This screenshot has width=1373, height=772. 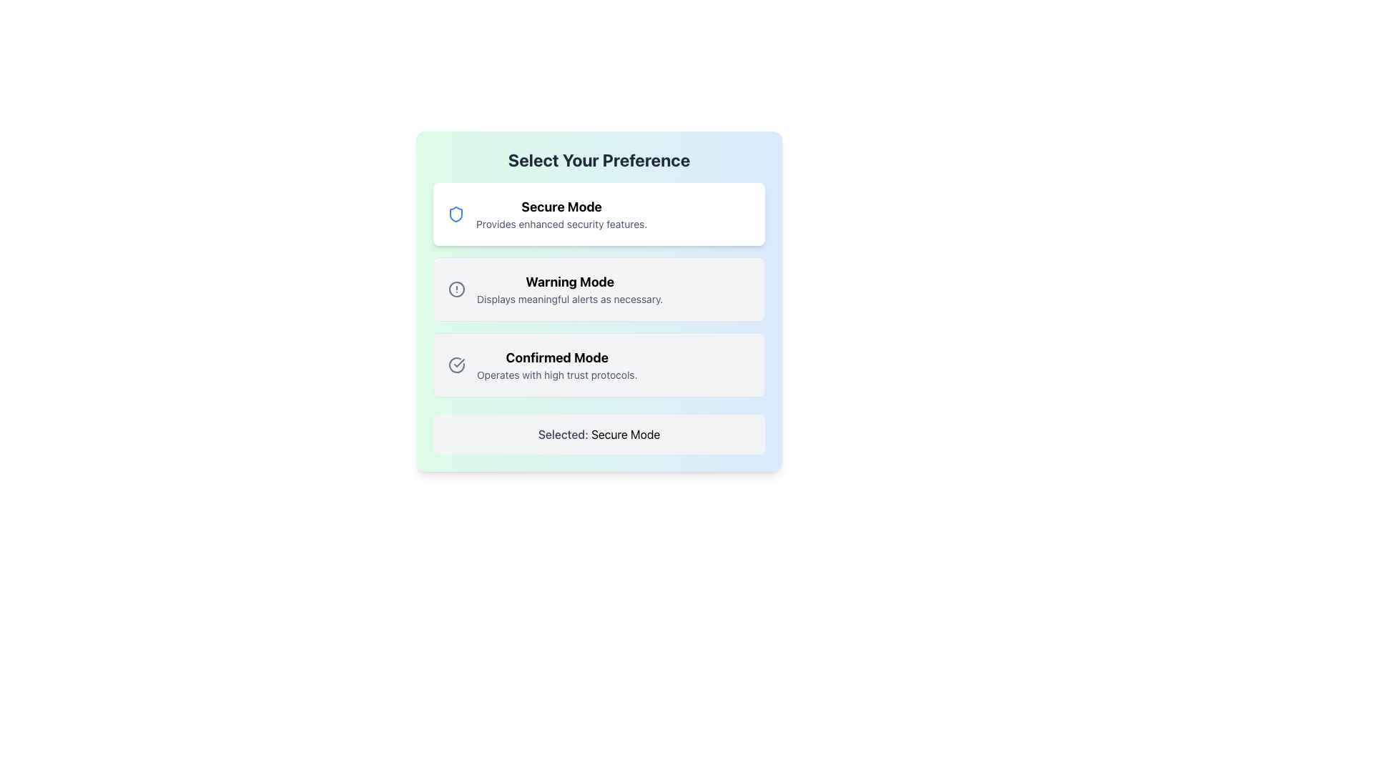 I want to click on the static text label displaying 'Selected:' which is located inside a card with a light gray background at the bottom of the layout, so click(x=562, y=434).